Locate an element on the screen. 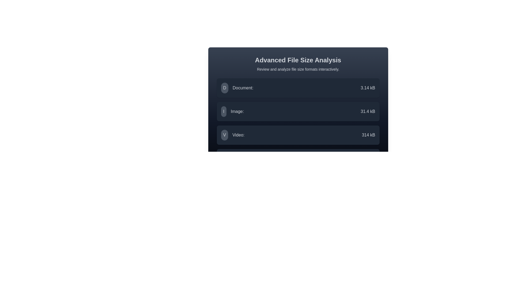  the composite element consisting of a circular gray icon with the letter 'D' and the label 'Document:' is located at coordinates (237, 88).